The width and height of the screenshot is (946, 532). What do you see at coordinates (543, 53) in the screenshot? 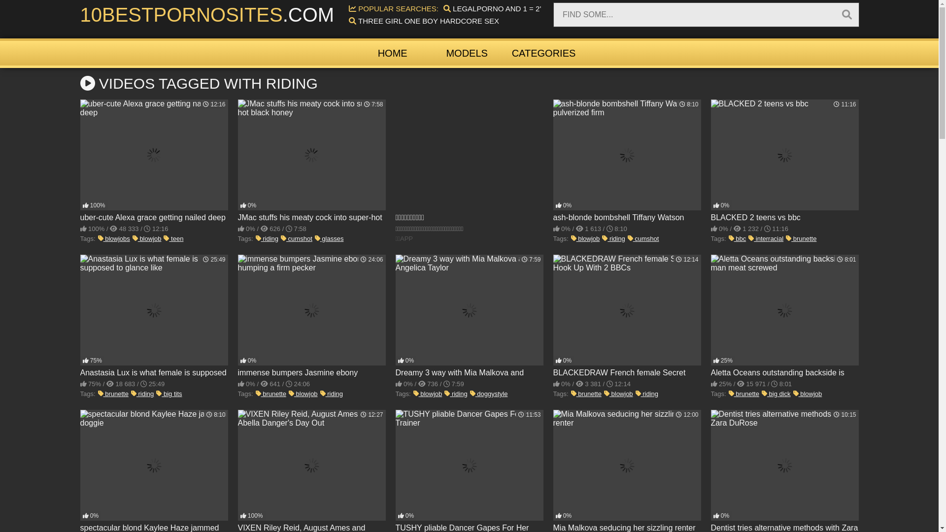
I see `'CATEGORIES'` at bounding box center [543, 53].